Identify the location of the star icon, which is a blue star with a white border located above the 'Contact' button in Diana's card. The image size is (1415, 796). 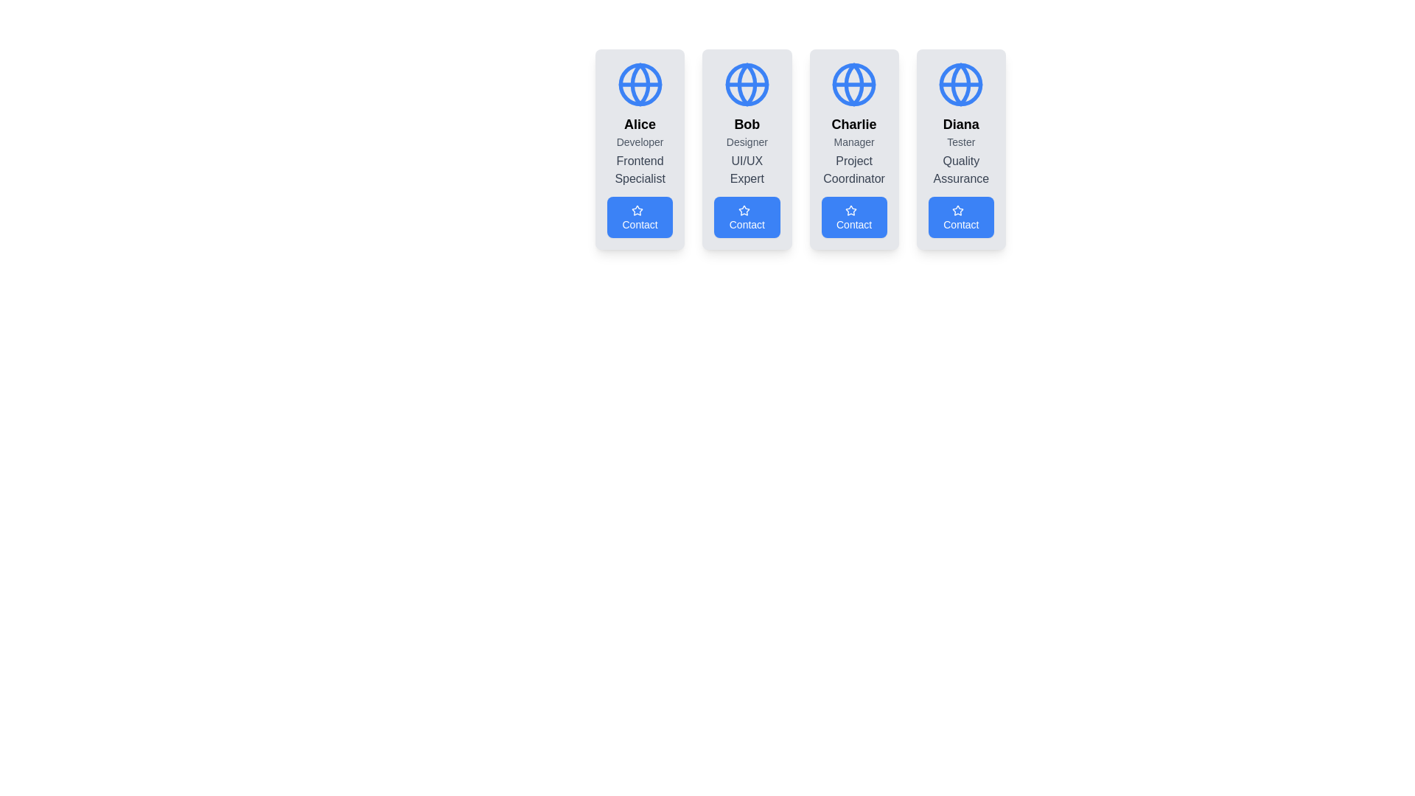
(958, 210).